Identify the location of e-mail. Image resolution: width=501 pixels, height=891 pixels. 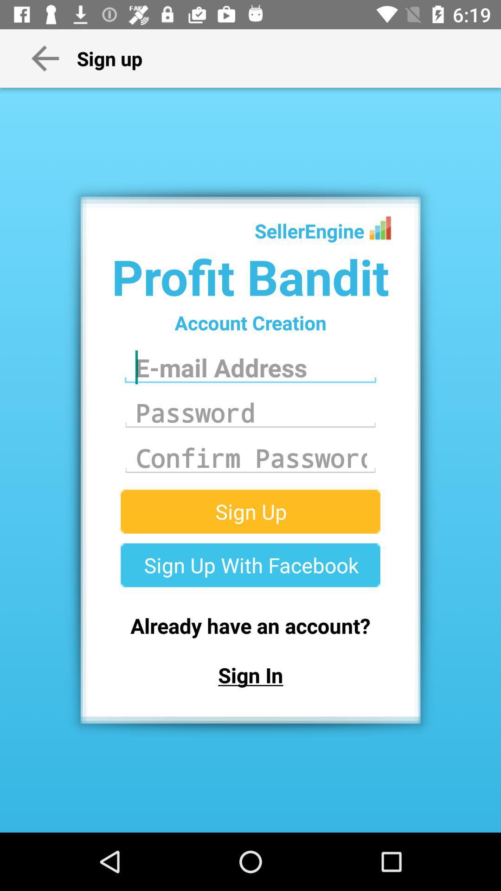
(250, 367).